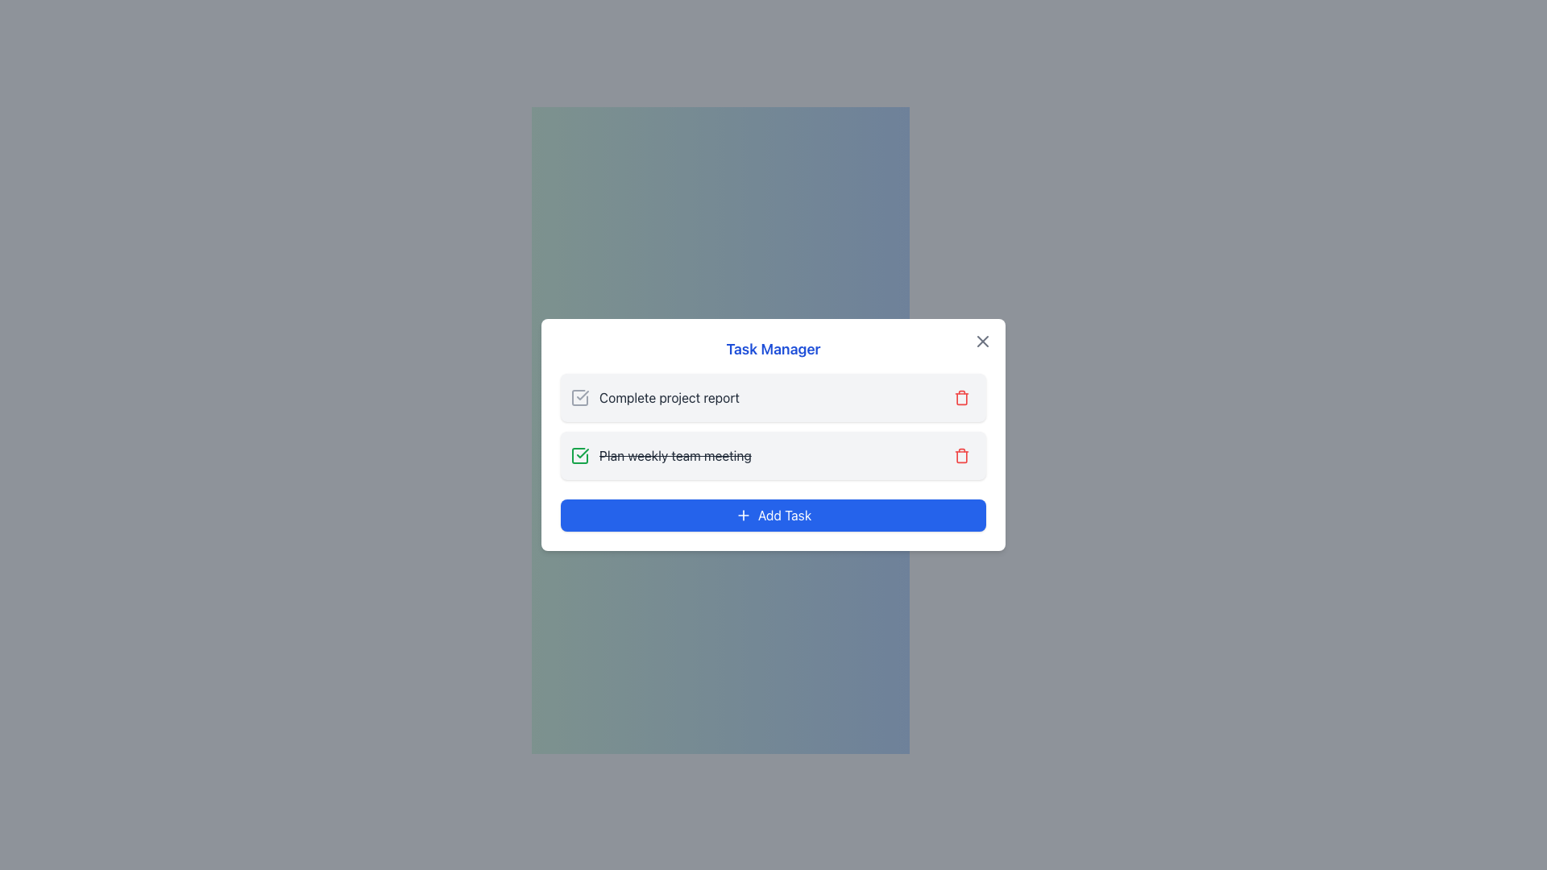 This screenshot has height=870, width=1547. I want to click on the Close Button icon, which is a cross icon located in the top-right corner of the modal box, so click(981, 341).